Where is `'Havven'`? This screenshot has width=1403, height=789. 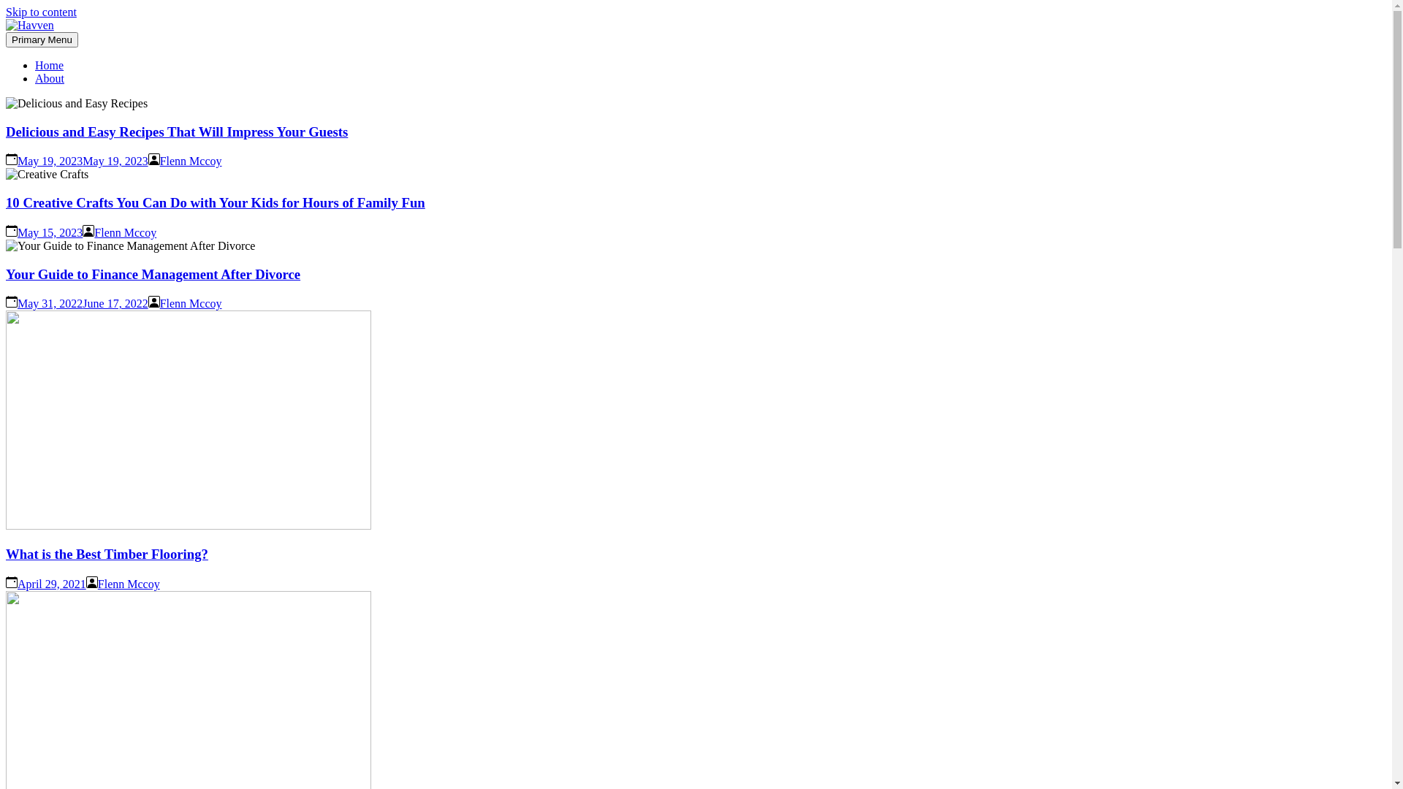
'Havven' is located at coordinates (44, 60).